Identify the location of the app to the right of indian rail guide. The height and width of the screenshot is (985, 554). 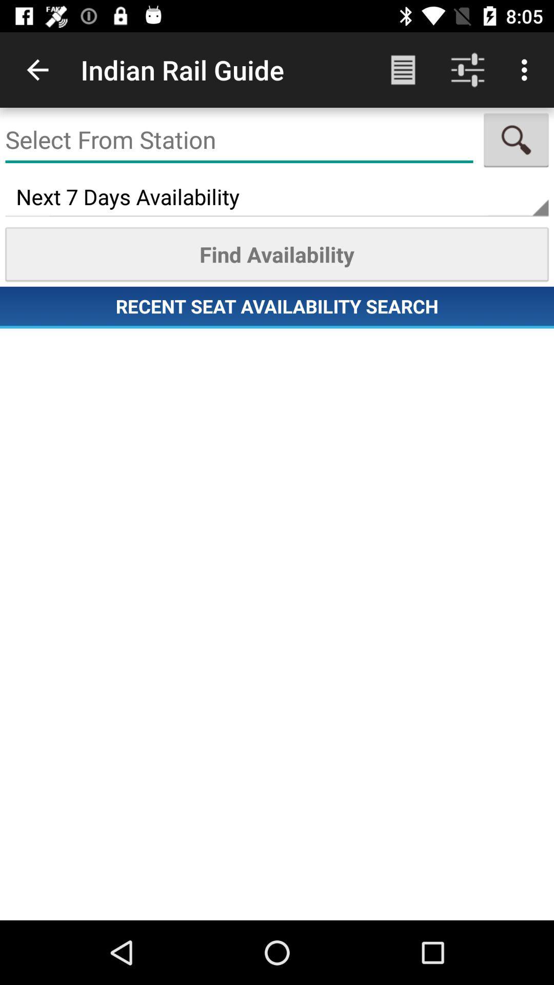
(403, 69).